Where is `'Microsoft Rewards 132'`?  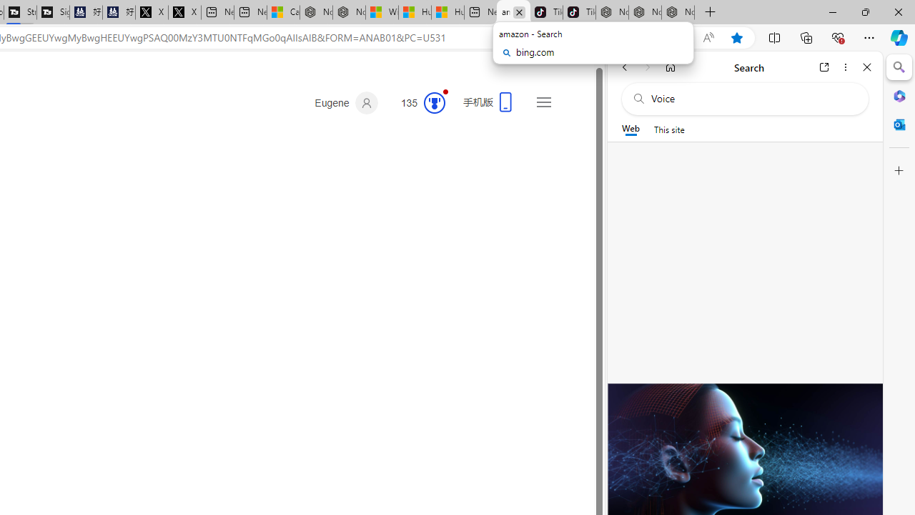
'Microsoft Rewards 132' is located at coordinates (417, 102).